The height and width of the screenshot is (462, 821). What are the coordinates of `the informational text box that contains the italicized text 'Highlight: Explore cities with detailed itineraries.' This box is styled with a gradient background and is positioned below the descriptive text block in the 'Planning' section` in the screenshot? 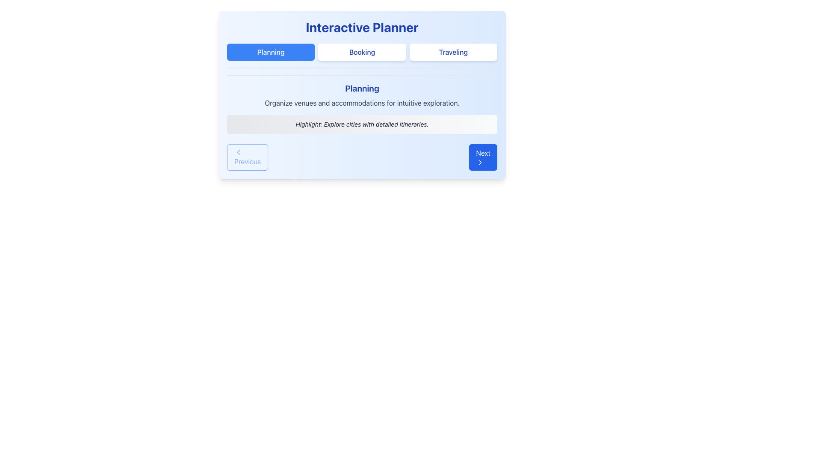 It's located at (362, 124).